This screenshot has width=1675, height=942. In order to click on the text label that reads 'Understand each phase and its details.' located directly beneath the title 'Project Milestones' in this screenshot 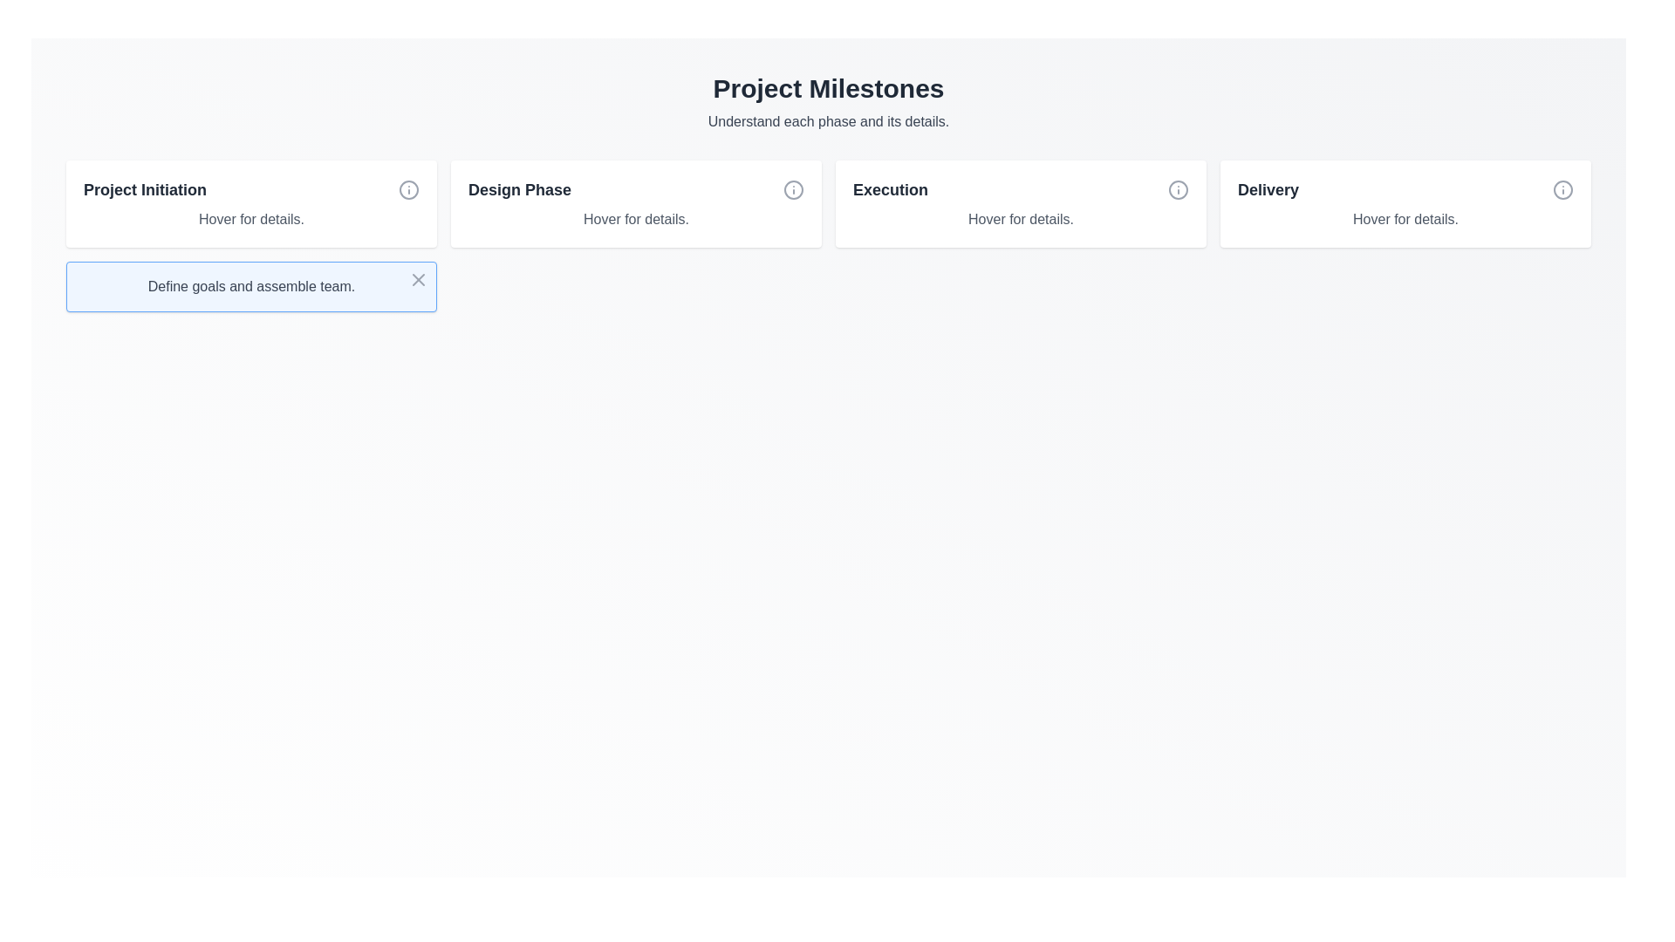, I will do `click(828, 120)`.